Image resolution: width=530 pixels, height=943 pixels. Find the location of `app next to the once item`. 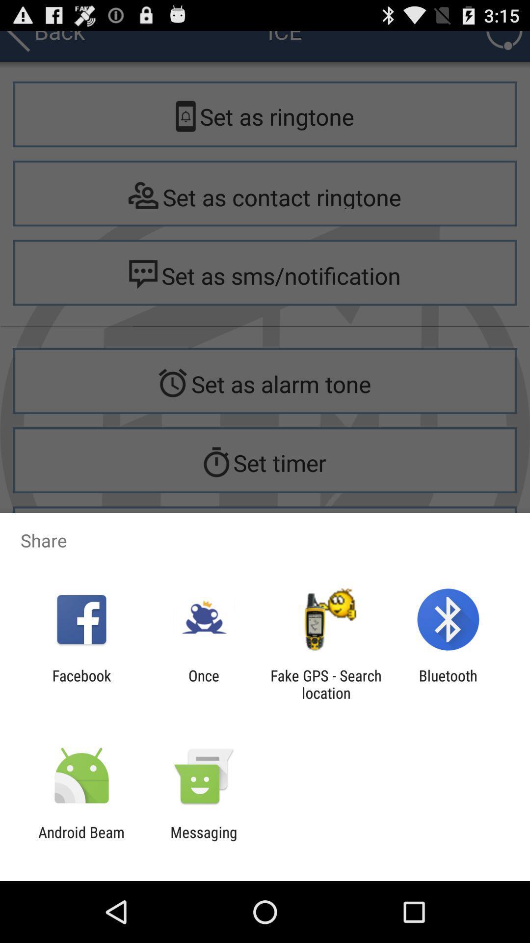

app next to the once item is located at coordinates (326, 684).